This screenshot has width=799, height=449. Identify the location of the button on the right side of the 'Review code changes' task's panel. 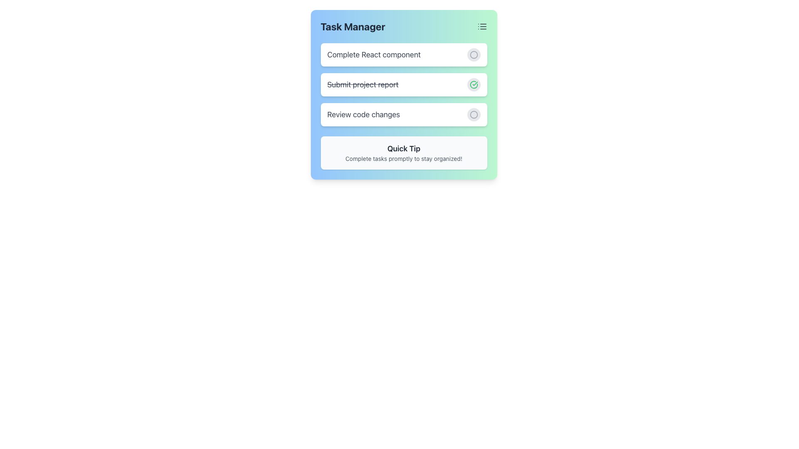
(474, 115).